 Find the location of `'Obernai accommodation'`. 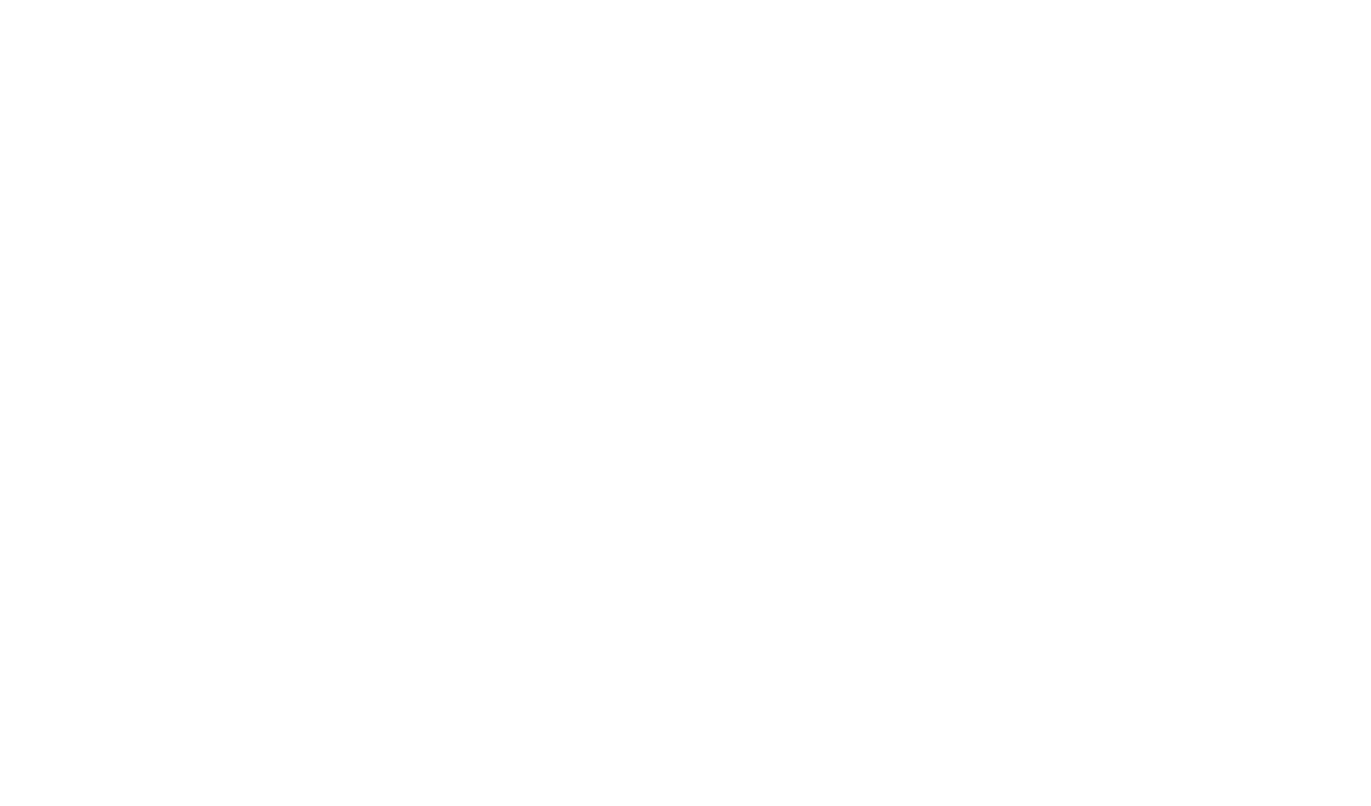

'Obernai accommodation' is located at coordinates (100, 131).